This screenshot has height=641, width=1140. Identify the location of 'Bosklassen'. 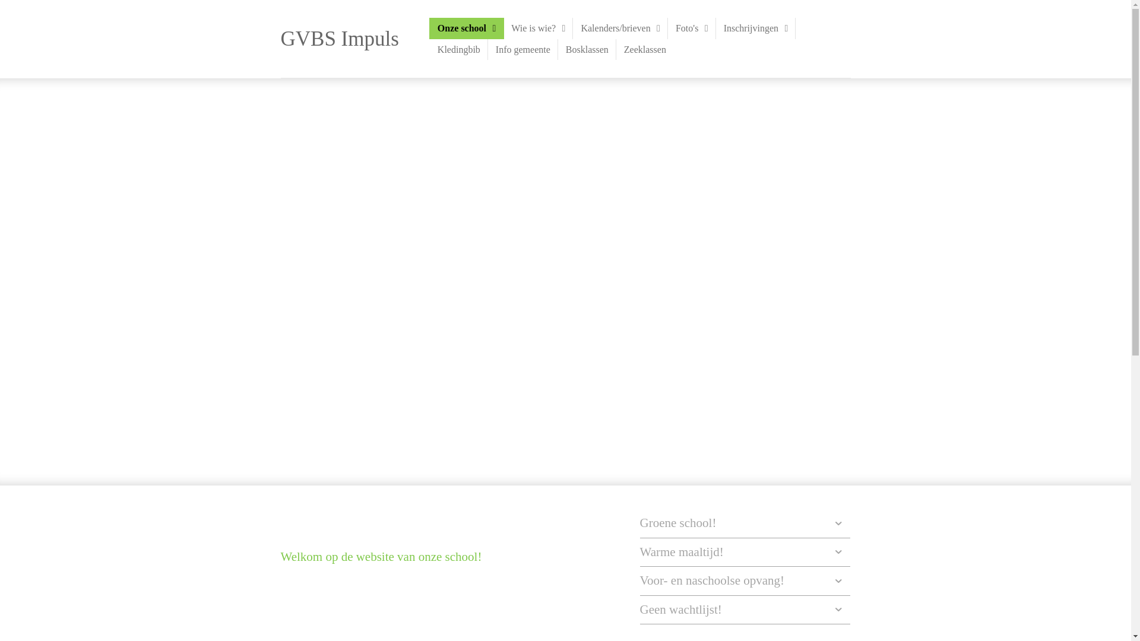
(587, 49).